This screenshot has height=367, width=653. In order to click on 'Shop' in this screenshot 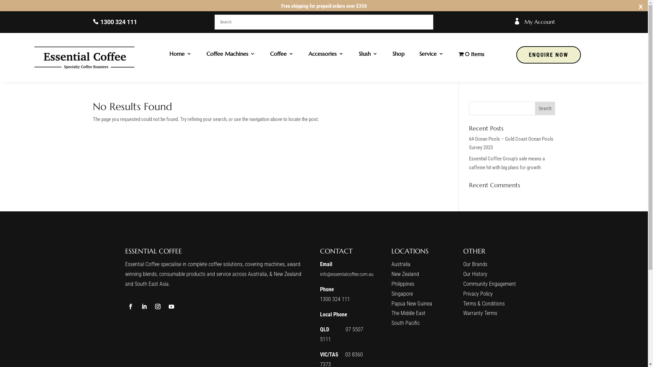, I will do `click(398, 55)`.